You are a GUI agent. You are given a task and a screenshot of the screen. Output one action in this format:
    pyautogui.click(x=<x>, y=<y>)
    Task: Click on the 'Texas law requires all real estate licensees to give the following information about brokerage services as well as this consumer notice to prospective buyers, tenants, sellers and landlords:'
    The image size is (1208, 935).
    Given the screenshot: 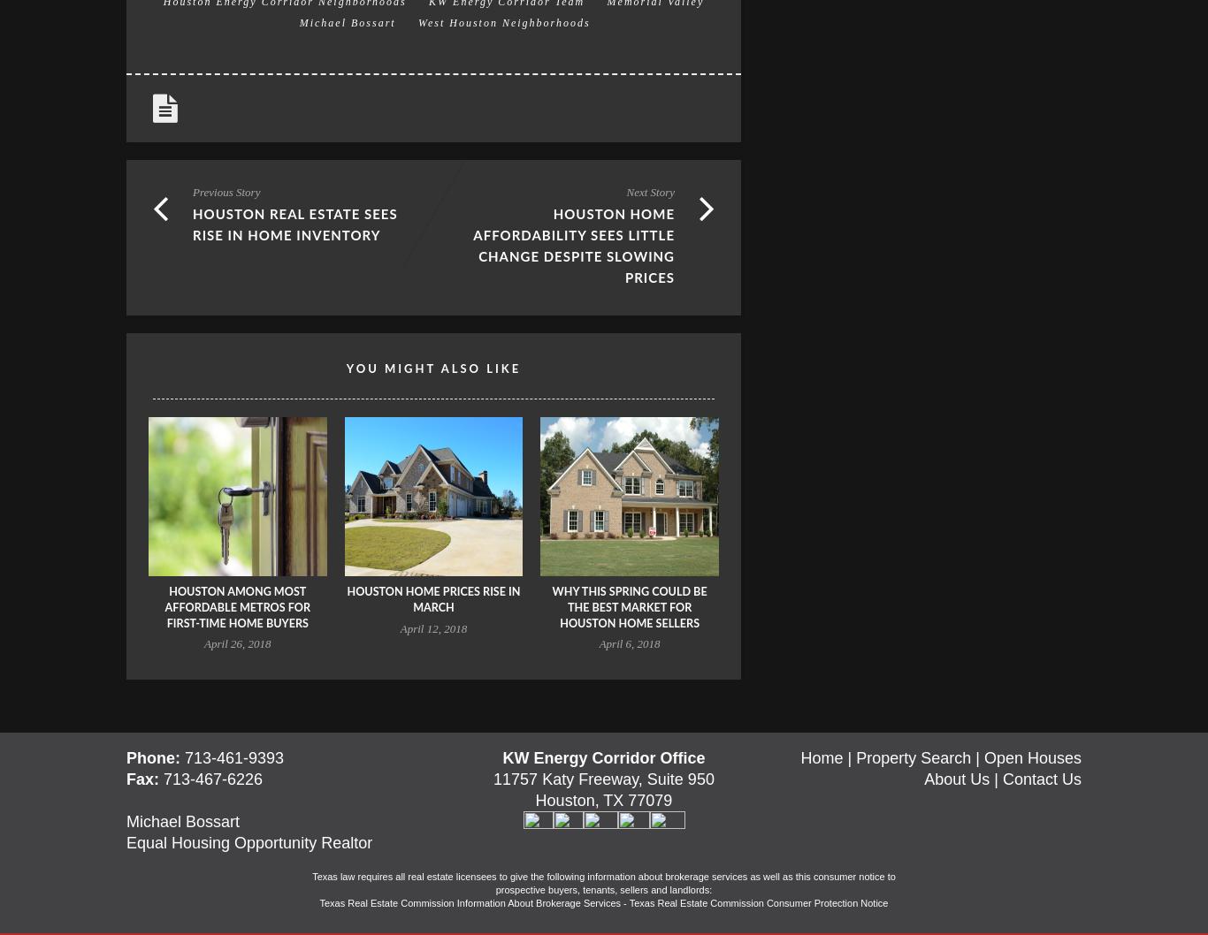 What is the action you would take?
    pyautogui.click(x=602, y=882)
    